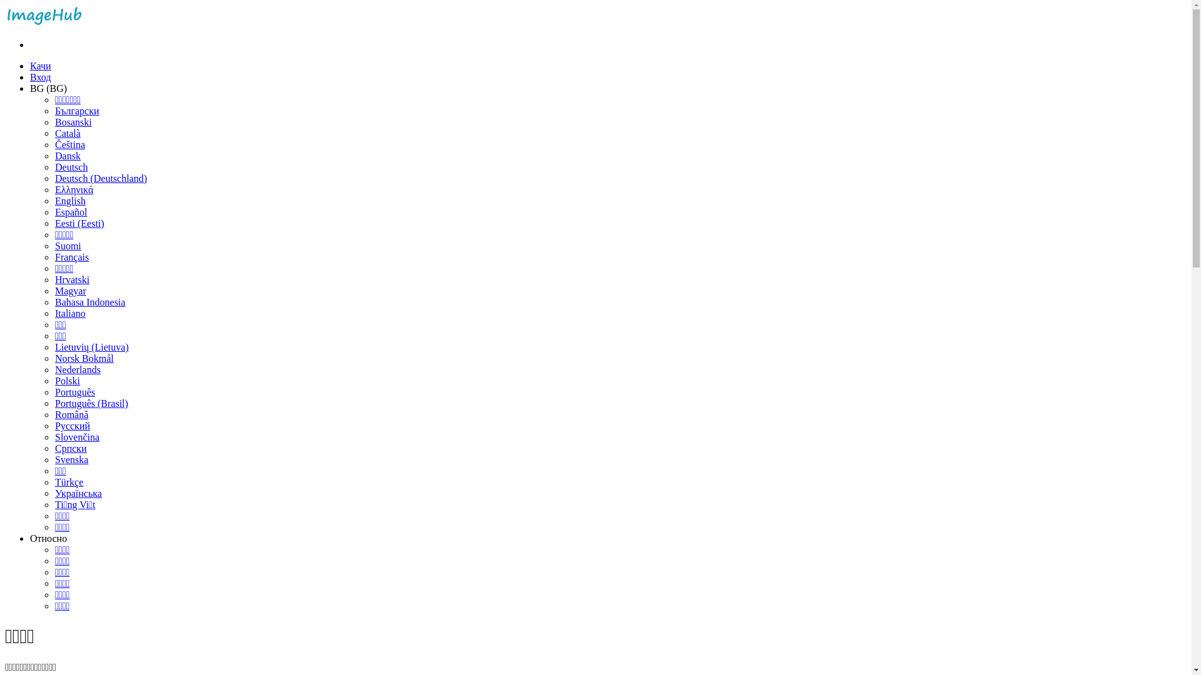 This screenshot has height=675, width=1201. Describe the element at coordinates (54, 291) in the screenshot. I see `'Magyar'` at that location.